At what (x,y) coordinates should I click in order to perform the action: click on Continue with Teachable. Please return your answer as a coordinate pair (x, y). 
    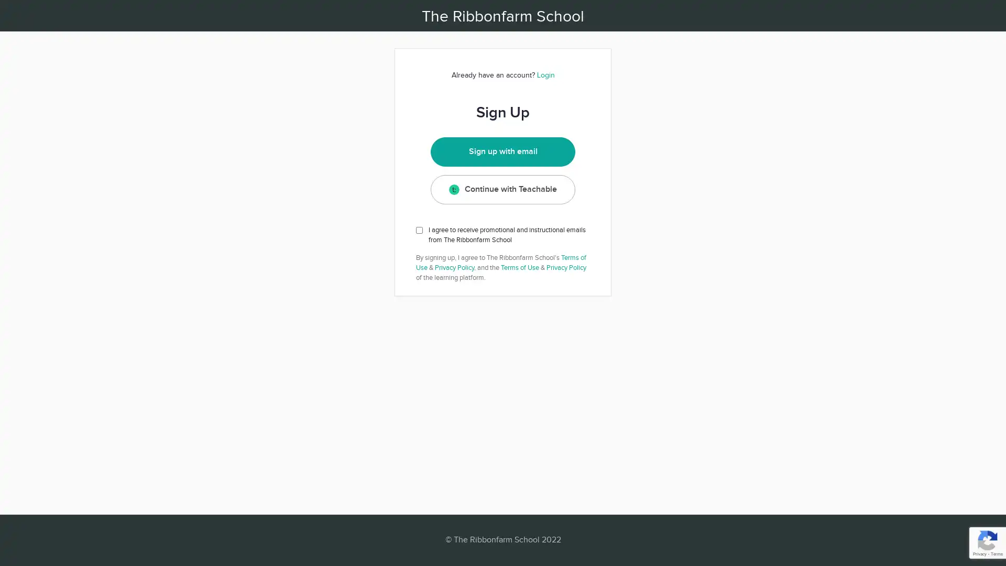
    Looking at the image, I should click on (502, 189).